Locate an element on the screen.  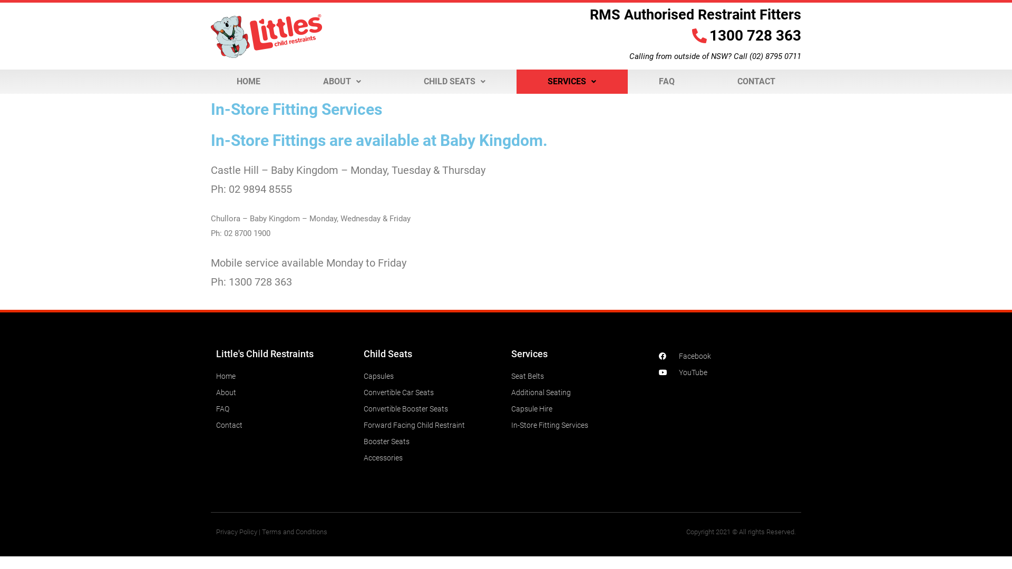
'SERVICES' is located at coordinates (571, 81).